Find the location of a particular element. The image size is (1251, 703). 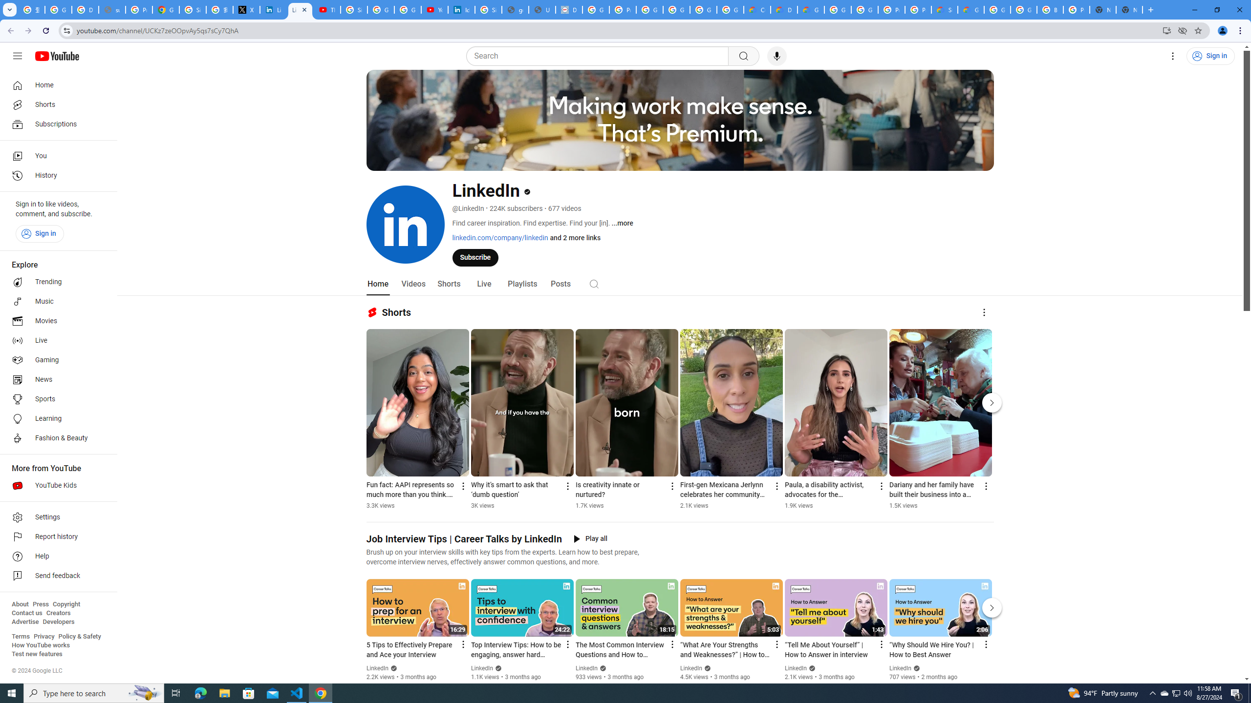

'Verified' is located at coordinates (915, 667).